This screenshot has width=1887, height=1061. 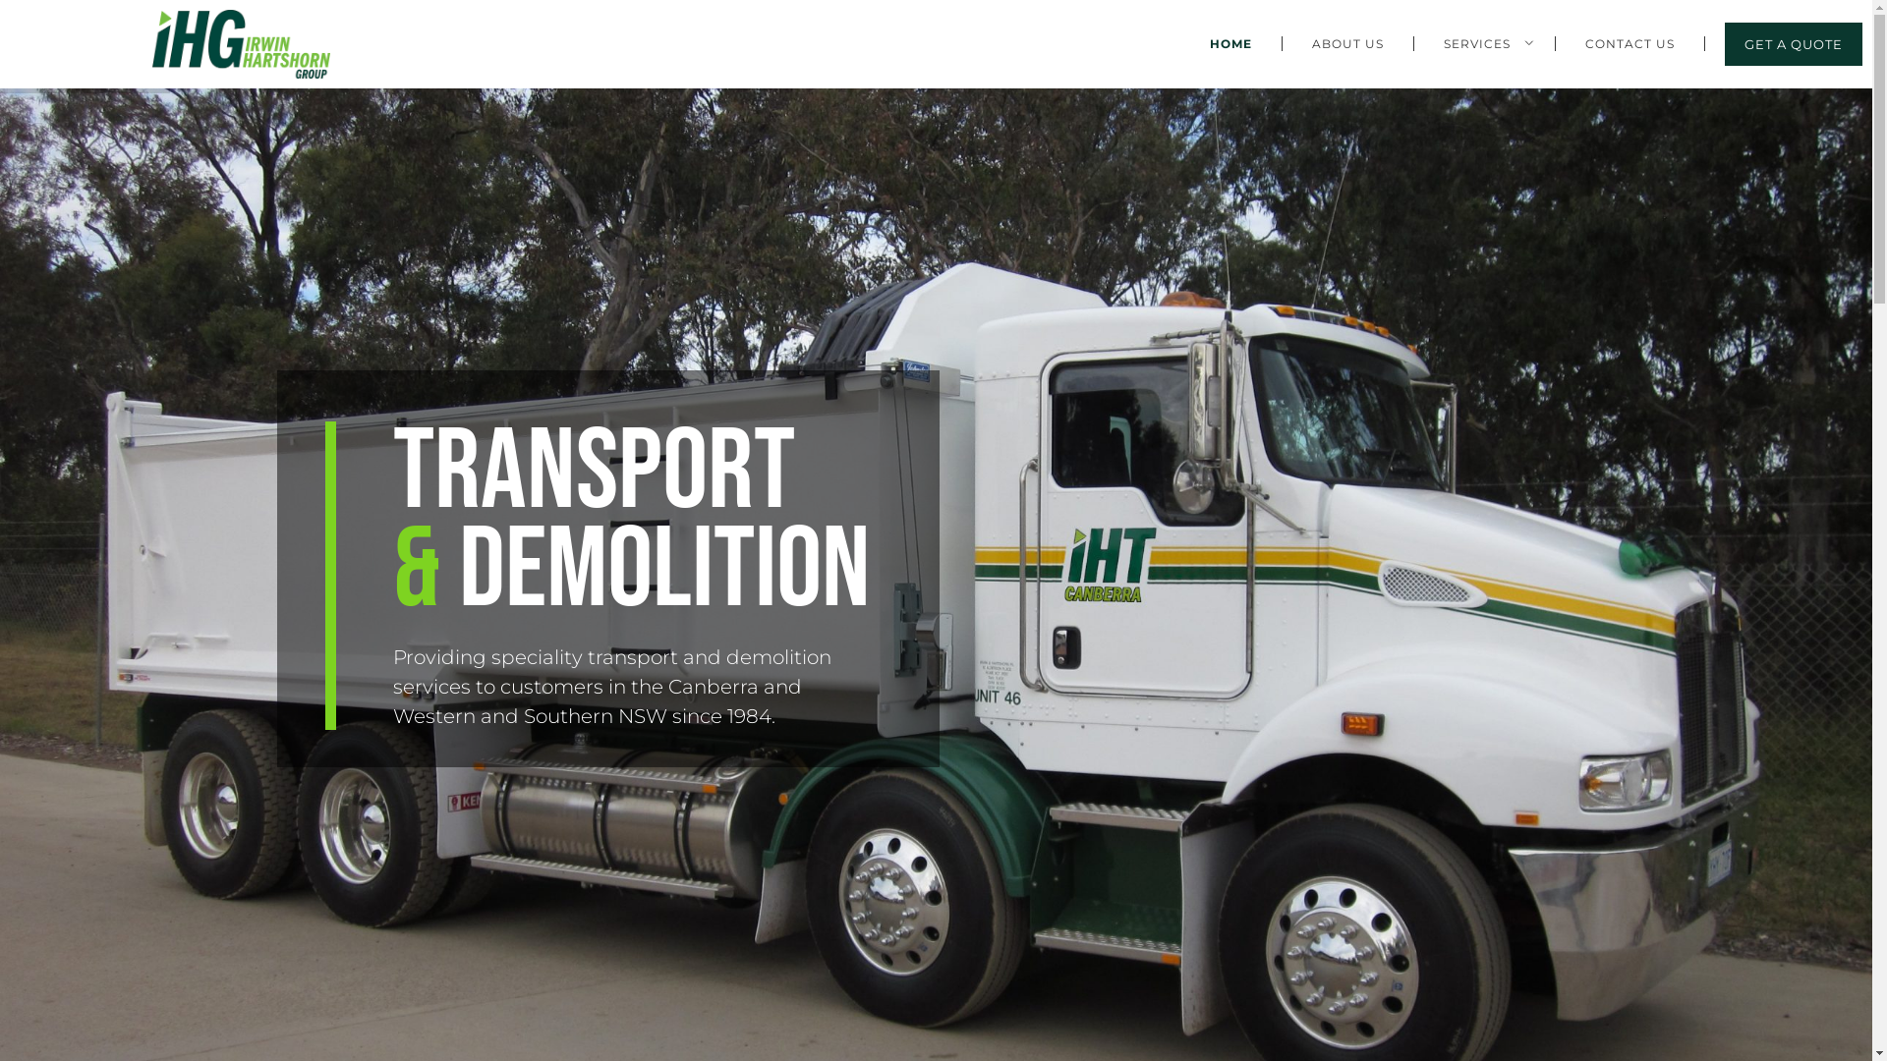 What do you see at coordinates (1229, 43) in the screenshot?
I see `'HOME'` at bounding box center [1229, 43].